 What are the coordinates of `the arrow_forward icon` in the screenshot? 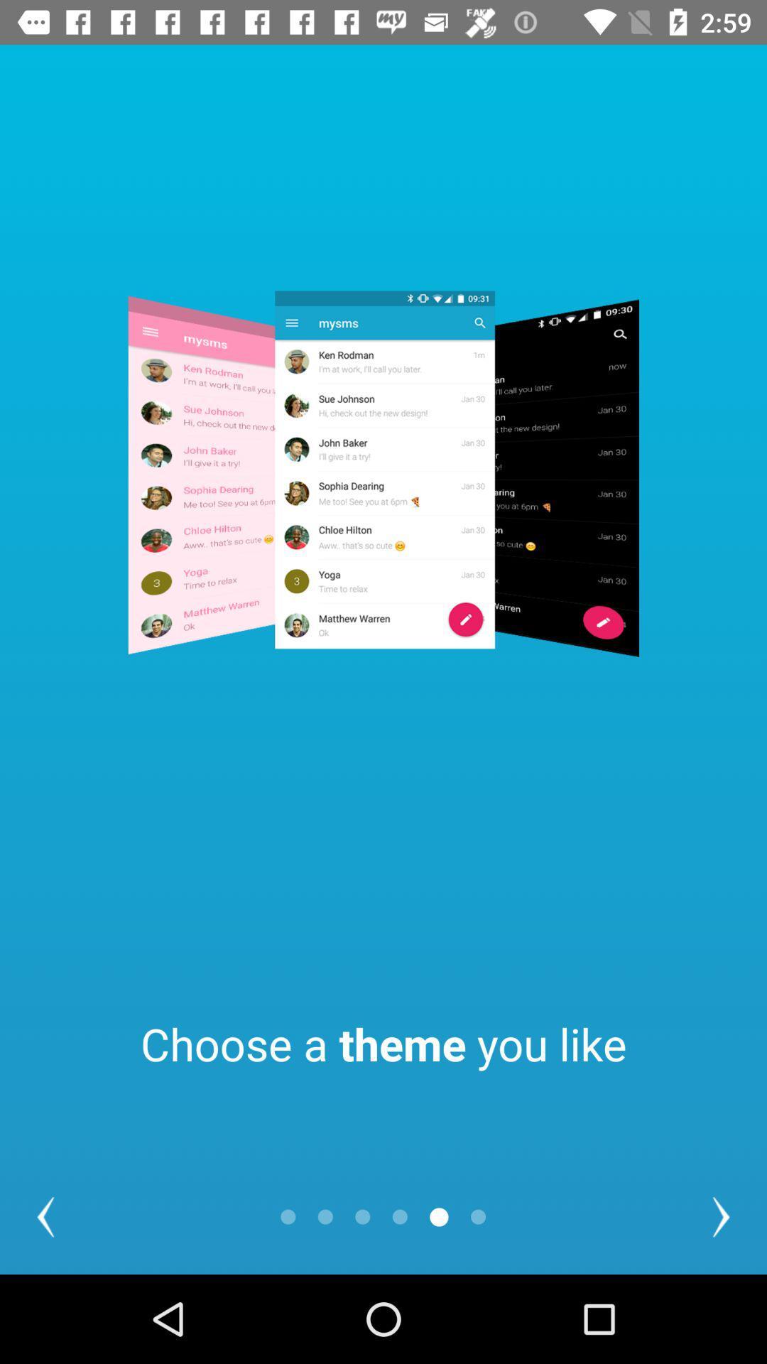 It's located at (721, 1216).